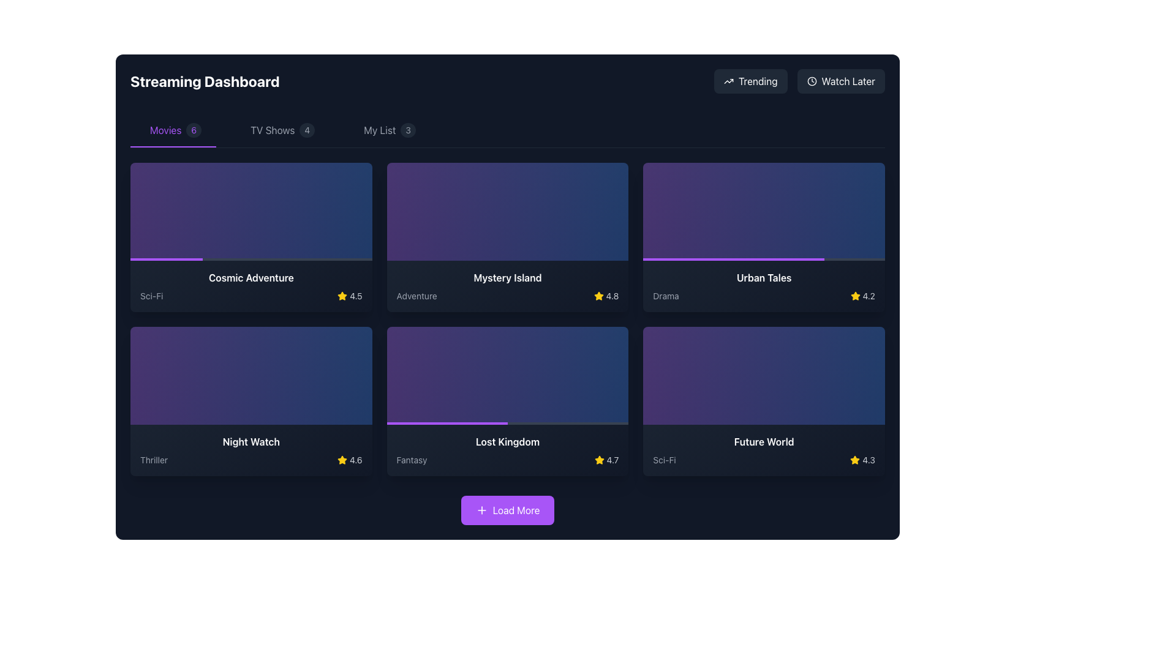 This screenshot has height=661, width=1176. What do you see at coordinates (379, 130) in the screenshot?
I see `the 'My List' text label in the top navigation bar, which is styled with a light gray font beside a rounded badge showing the number '3'` at bounding box center [379, 130].